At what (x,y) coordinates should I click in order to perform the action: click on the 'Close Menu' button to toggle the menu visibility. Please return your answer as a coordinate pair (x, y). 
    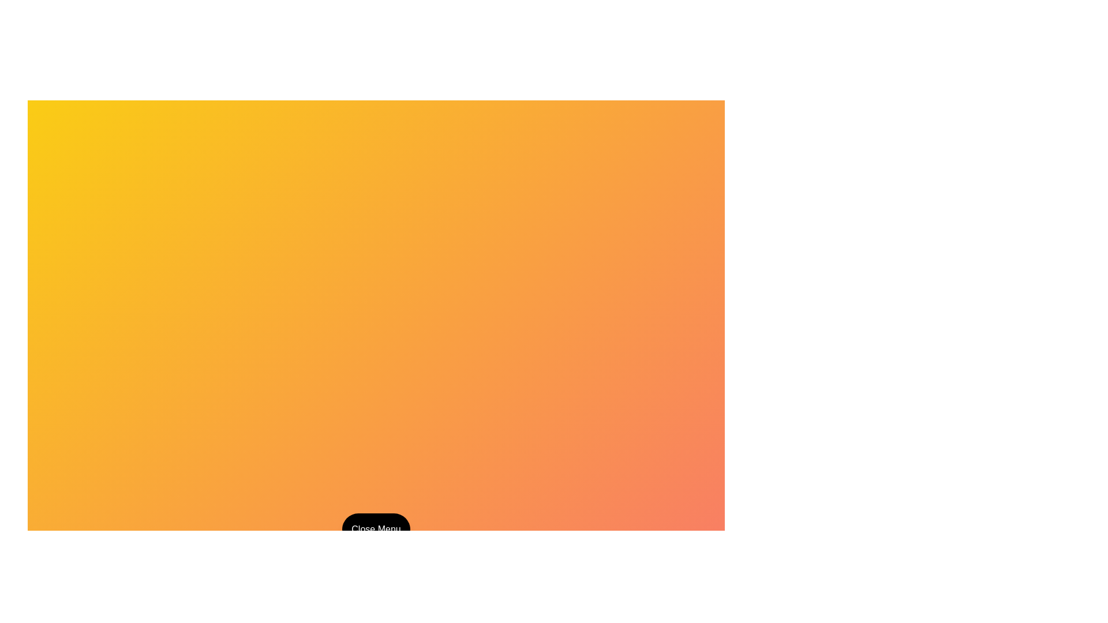
    Looking at the image, I should click on (376, 530).